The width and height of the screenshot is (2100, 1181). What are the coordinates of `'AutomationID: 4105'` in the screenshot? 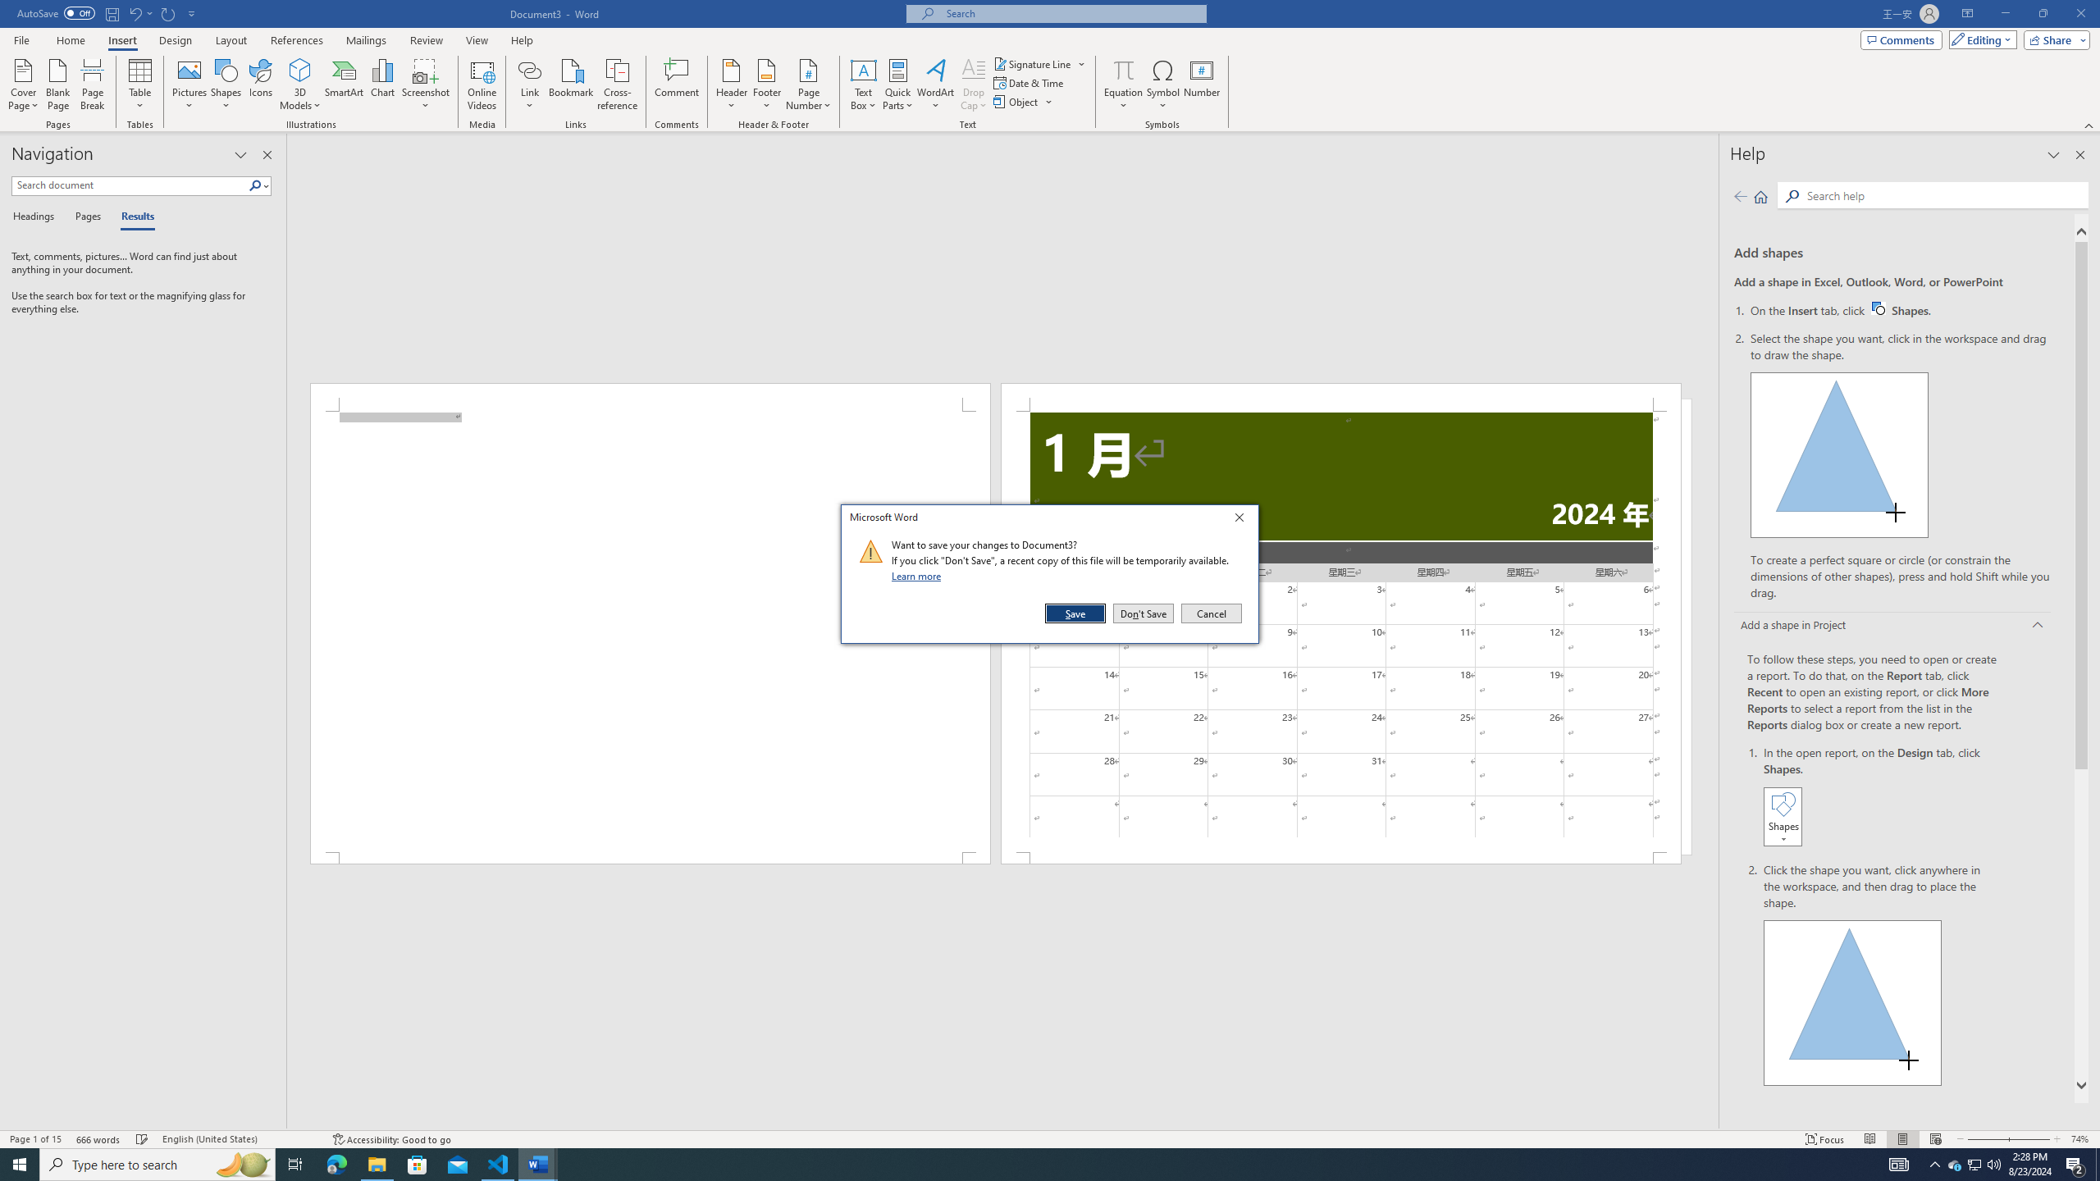 It's located at (1899, 1163).